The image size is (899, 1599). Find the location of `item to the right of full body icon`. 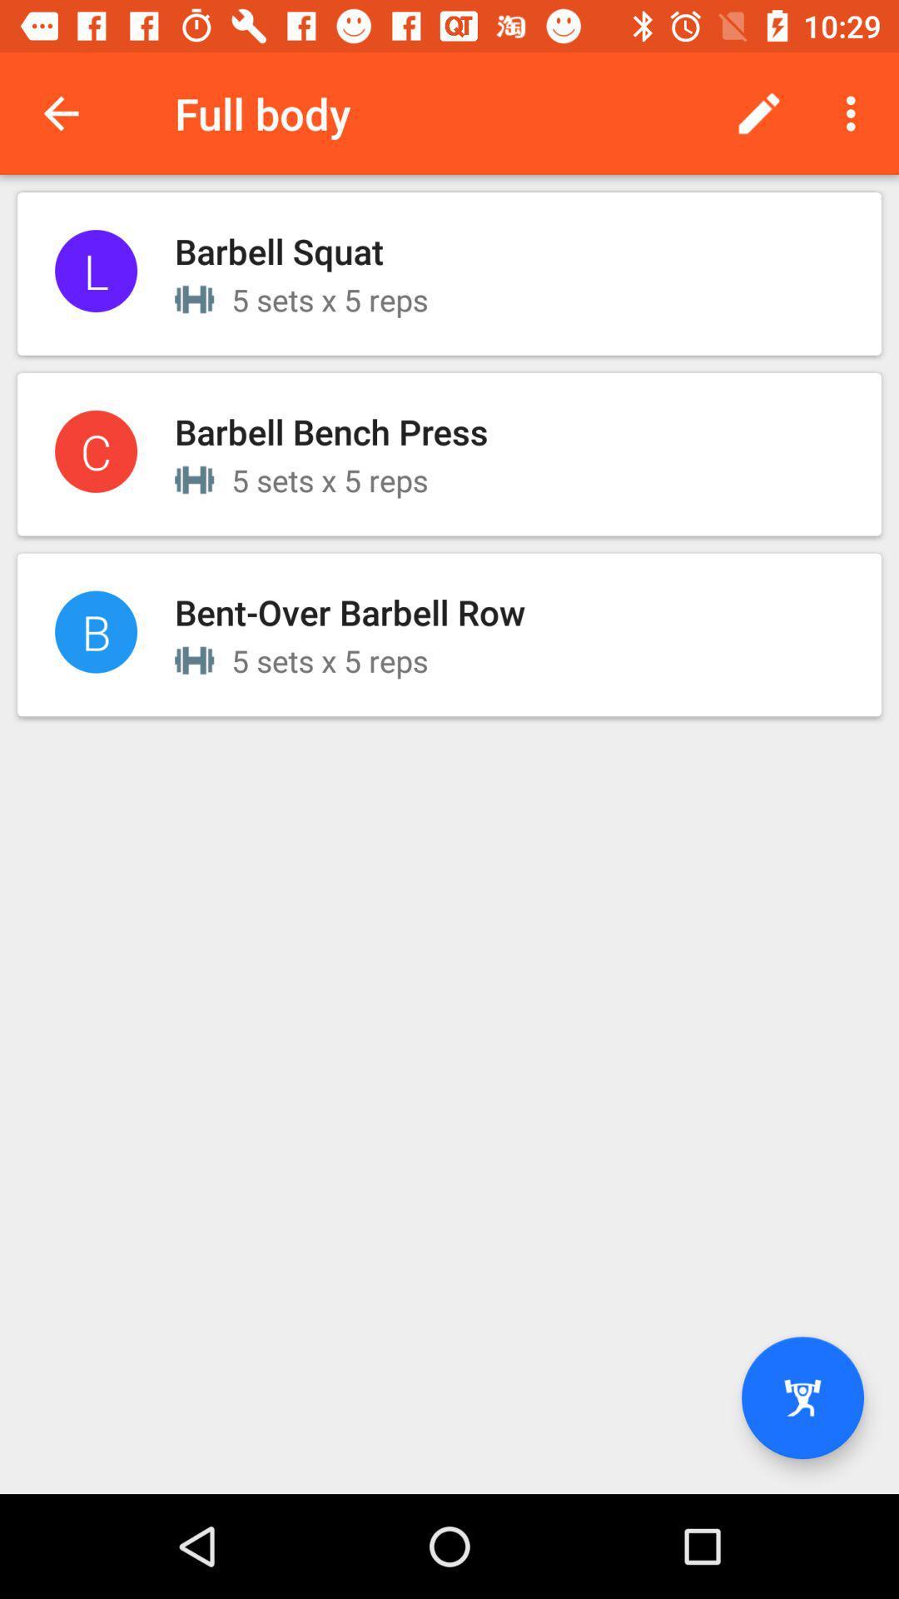

item to the right of full body icon is located at coordinates (758, 112).